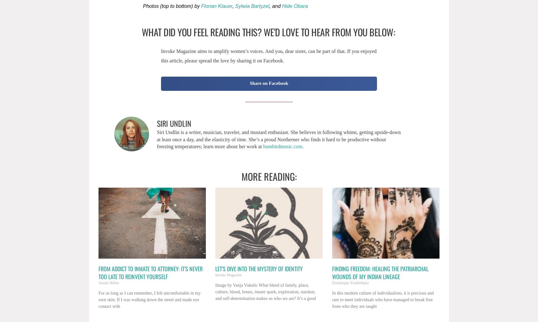 This screenshot has height=322, width=538. Describe the element at coordinates (382, 299) in the screenshot. I see `'In this modern culture of individualism, it is precious and rare to meet individuals who have managed to break free from who they are taught'` at that location.